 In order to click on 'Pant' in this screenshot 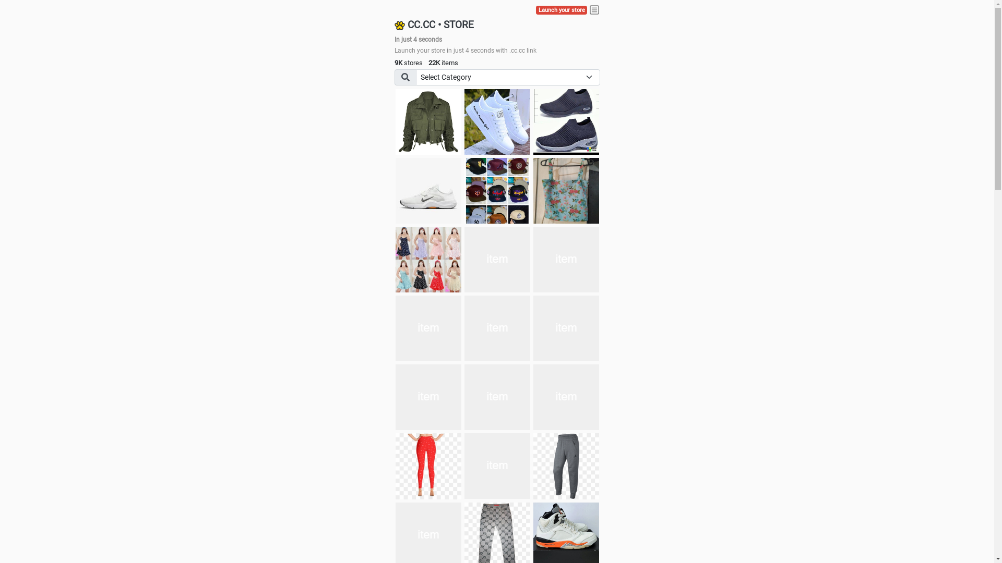, I will do `click(395, 466)`.